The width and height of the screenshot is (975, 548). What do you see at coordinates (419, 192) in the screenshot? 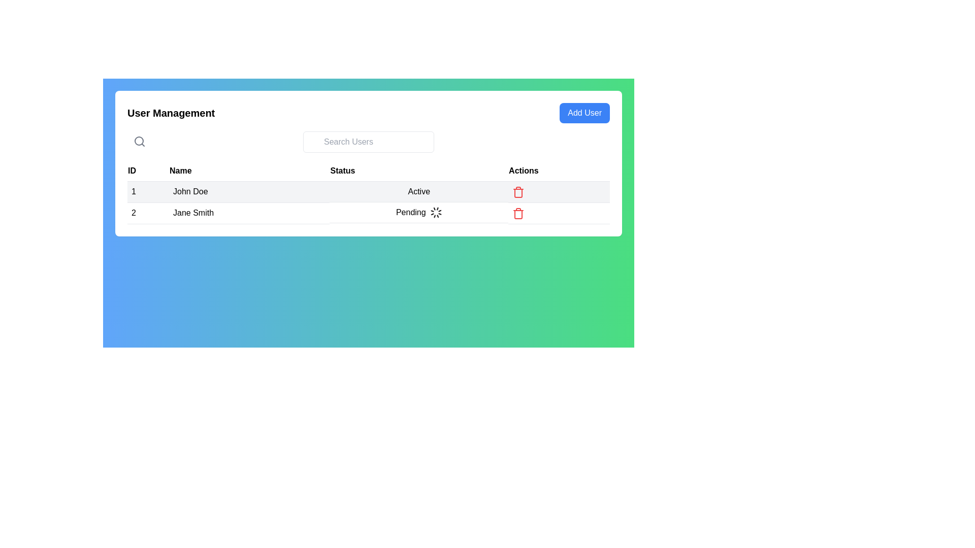
I see `the 'Active' label in the 'Status' column of the user data table, which is positioned between the 'Name' column and the 'Actions' column` at bounding box center [419, 192].